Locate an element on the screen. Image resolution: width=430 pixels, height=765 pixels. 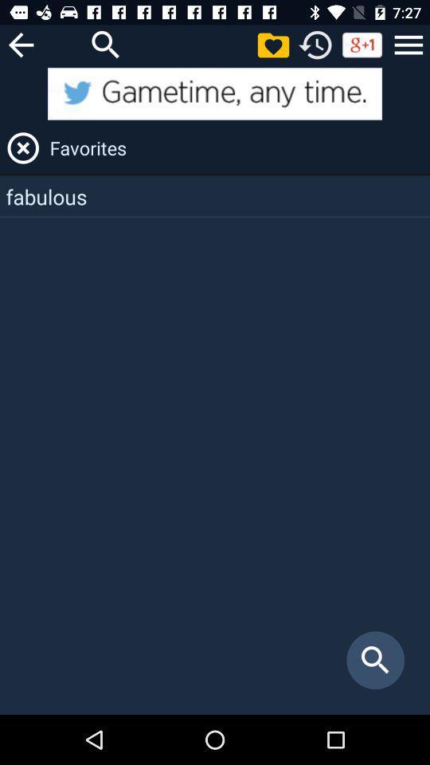
the menu icon is located at coordinates (408, 44).